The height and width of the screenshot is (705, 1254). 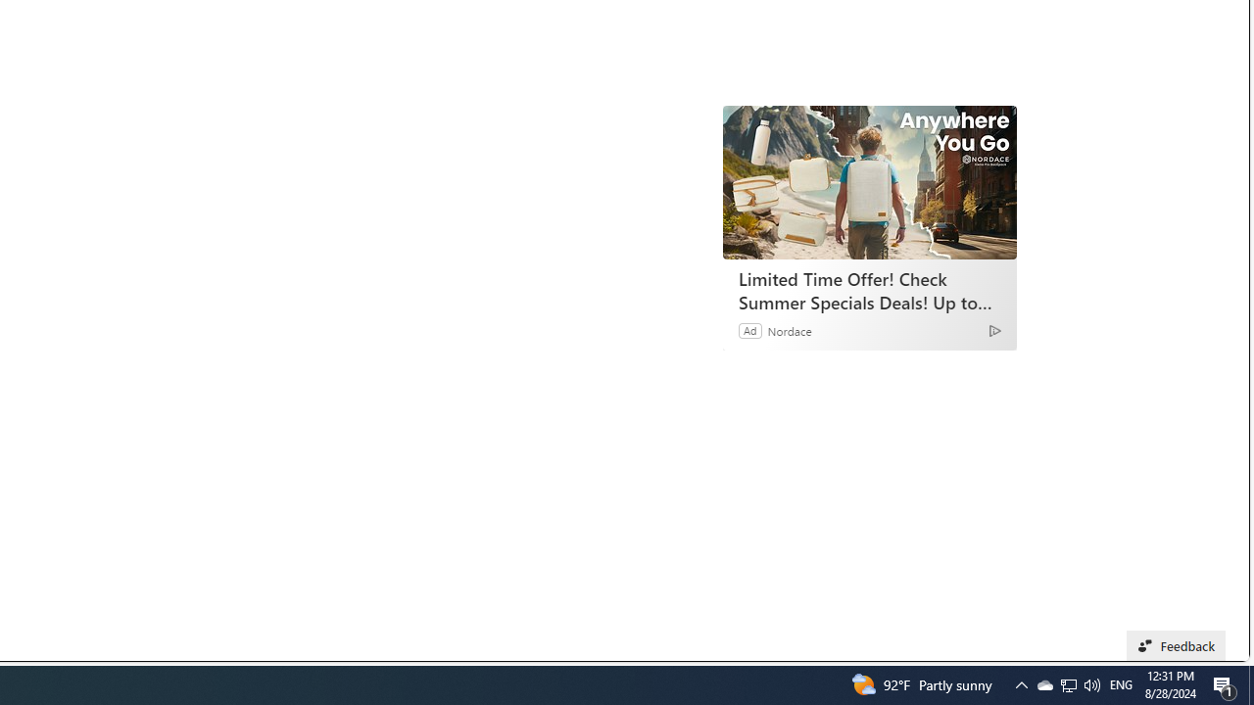 I want to click on 'Feedback', so click(x=1176, y=645).